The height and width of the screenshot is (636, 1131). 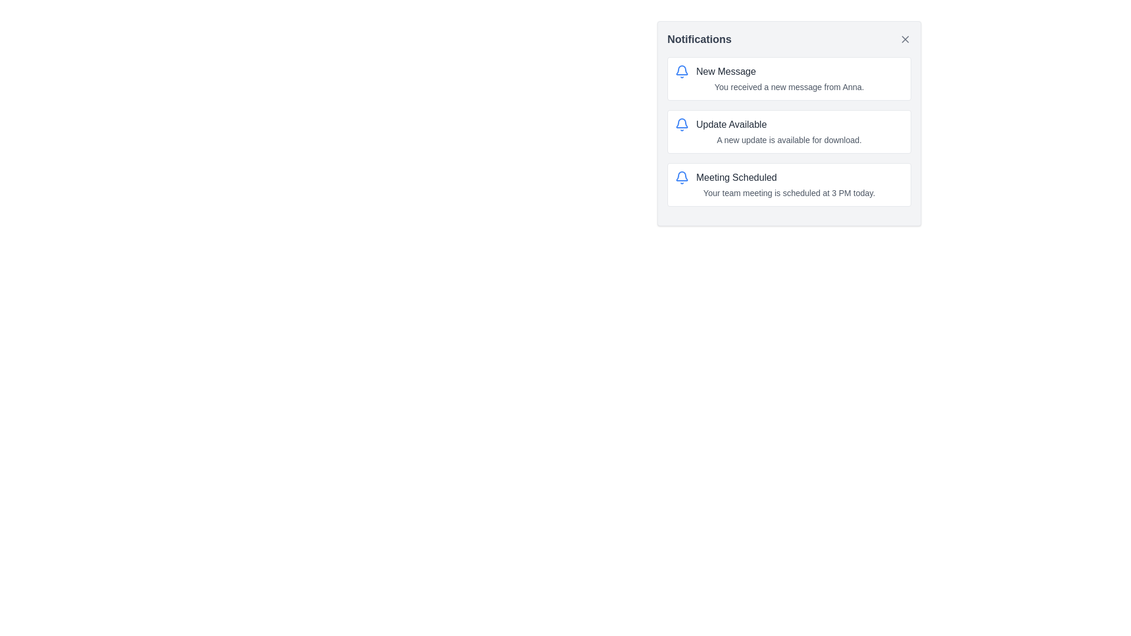 What do you see at coordinates (789, 140) in the screenshot?
I see `the text label that reads 'A new update is available for download.' which is located below the bold header 'Update Available' within the notification unit` at bounding box center [789, 140].